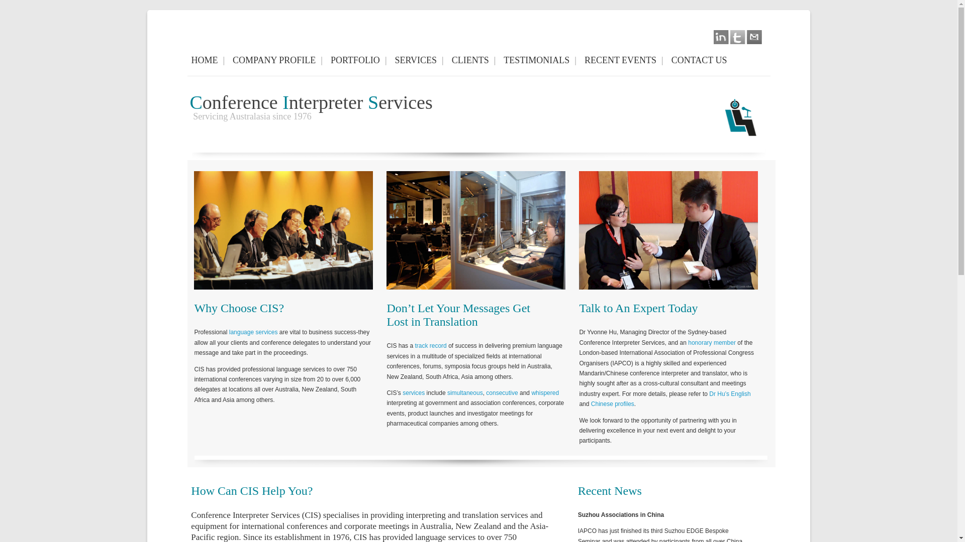  Describe the element at coordinates (447, 60) in the screenshot. I see `'CLIENTS'` at that location.